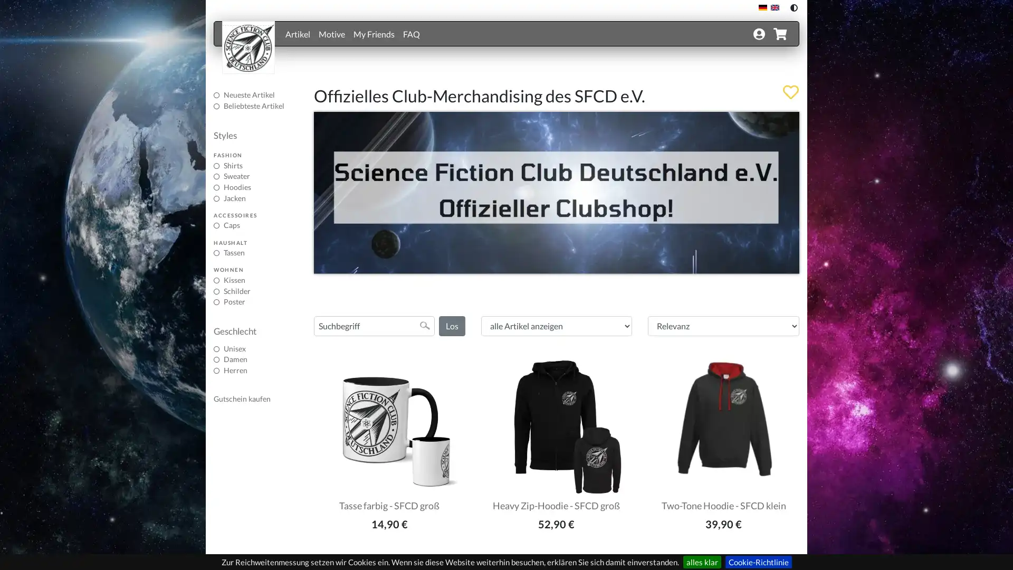  I want to click on Los, so click(451, 325).